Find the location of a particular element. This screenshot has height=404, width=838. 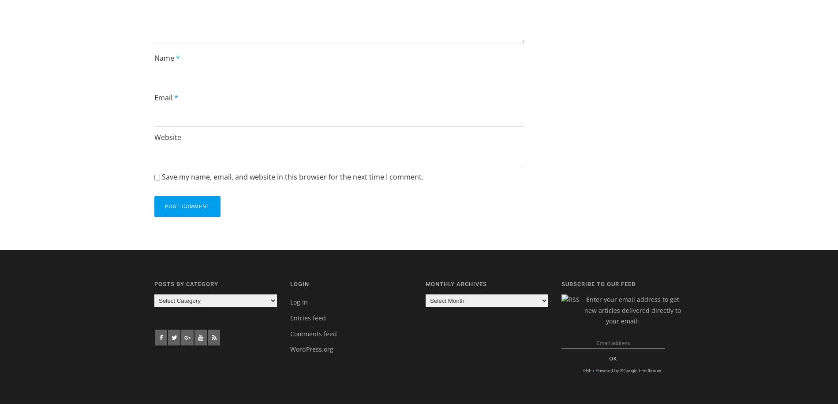

'Posts by Category' is located at coordinates (186, 283).